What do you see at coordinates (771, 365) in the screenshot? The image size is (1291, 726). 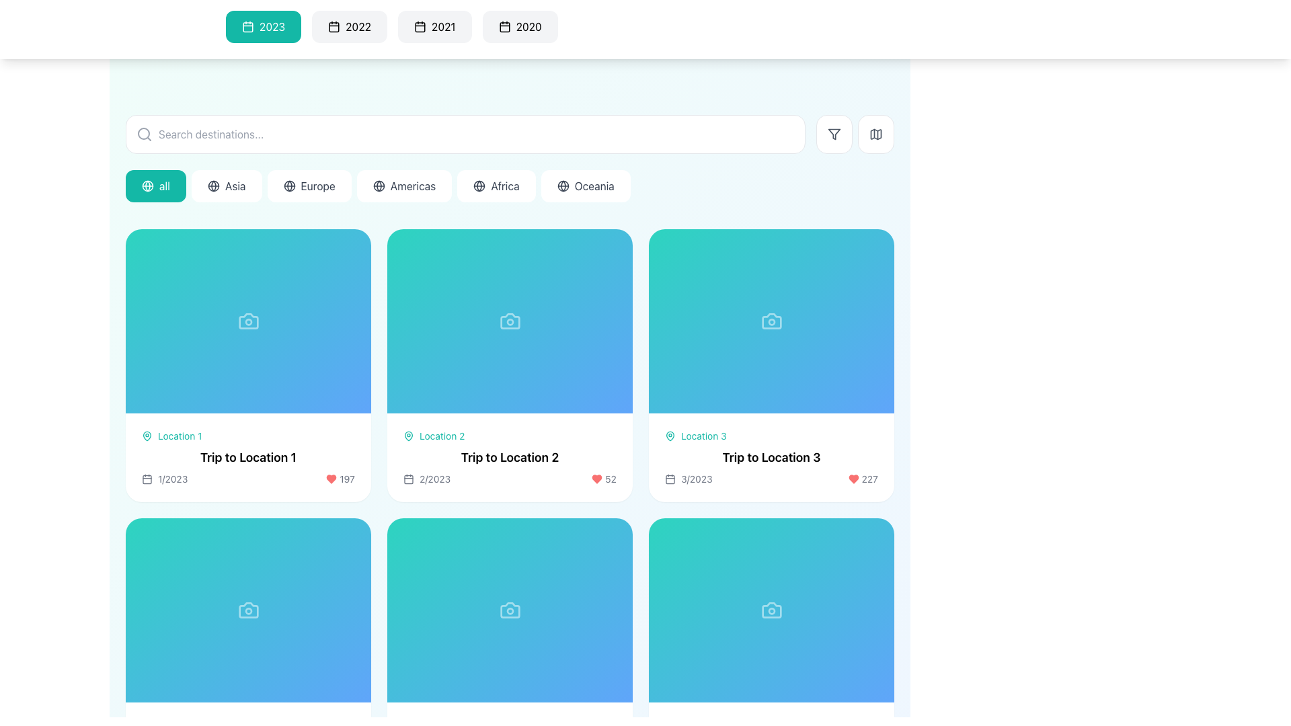 I see `the card item in the grid layout that indicates 'Trip to Location 3'` at bounding box center [771, 365].